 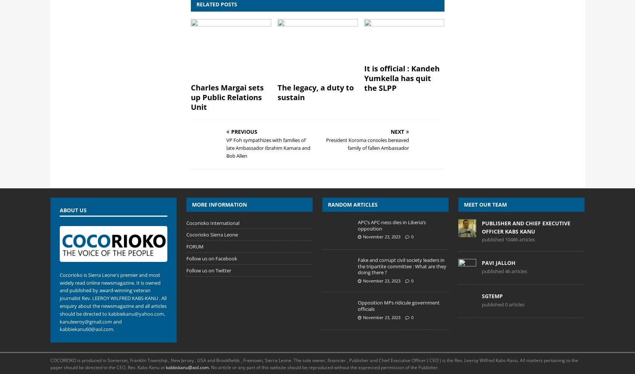 I want to click on 'RANDOM ARTICLES', so click(x=352, y=204).